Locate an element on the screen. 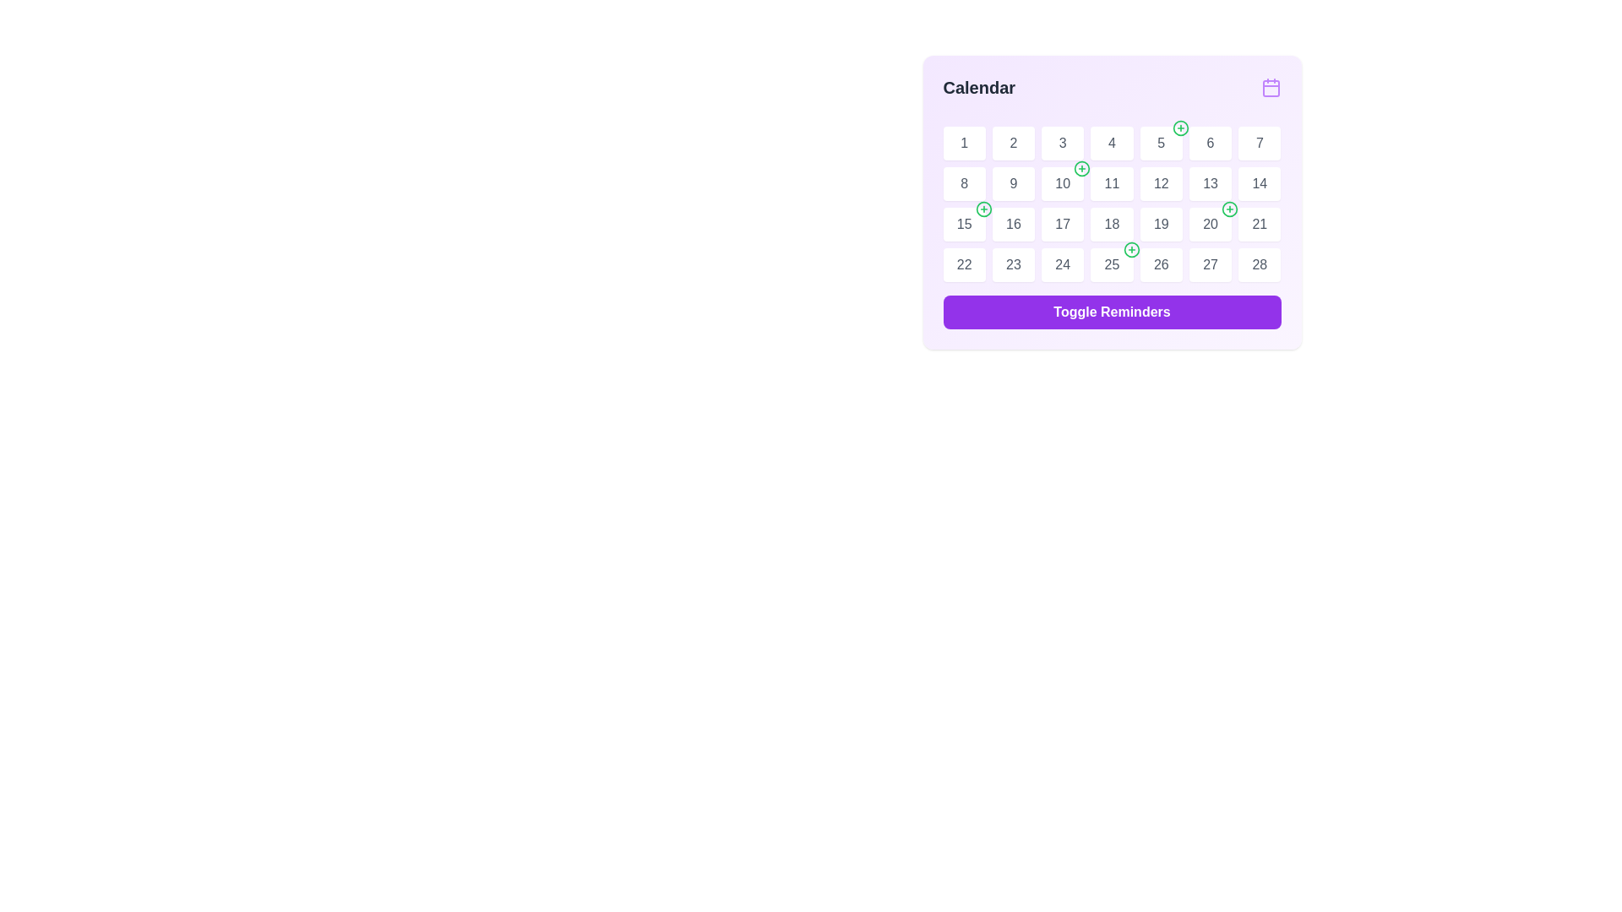 The image size is (1622, 912). the text label indicating the date '19' in the calendar interface, located in the third row and fourth column of the grid layout is located at coordinates (1160, 223).